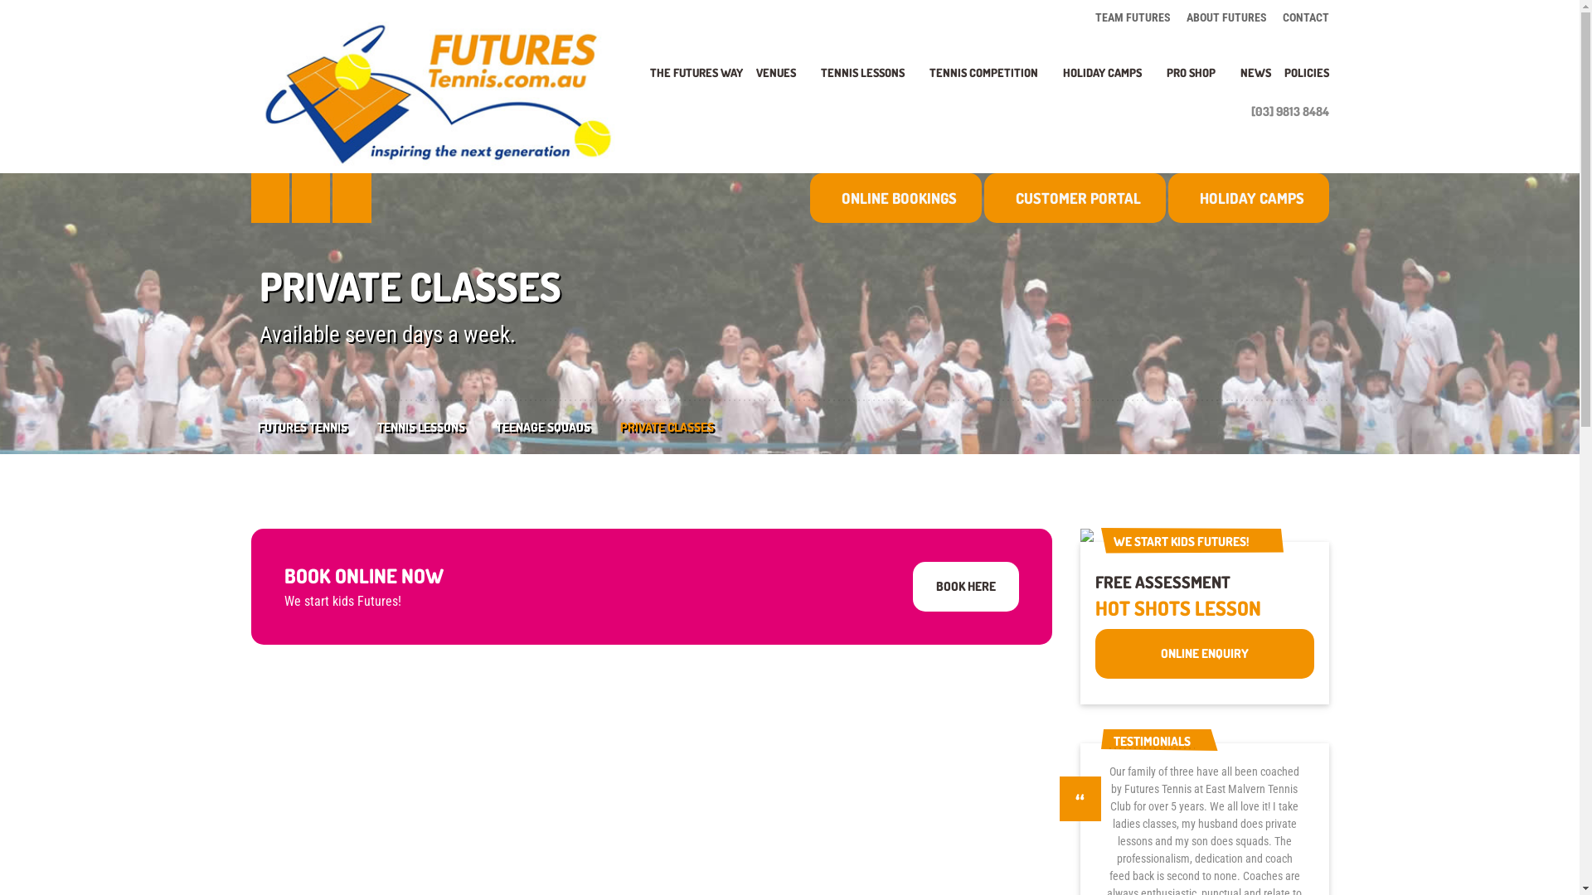  Describe the element at coordinates (696, 81) in the screenshot. I see `'THE FUTURES WAY'` at that location.